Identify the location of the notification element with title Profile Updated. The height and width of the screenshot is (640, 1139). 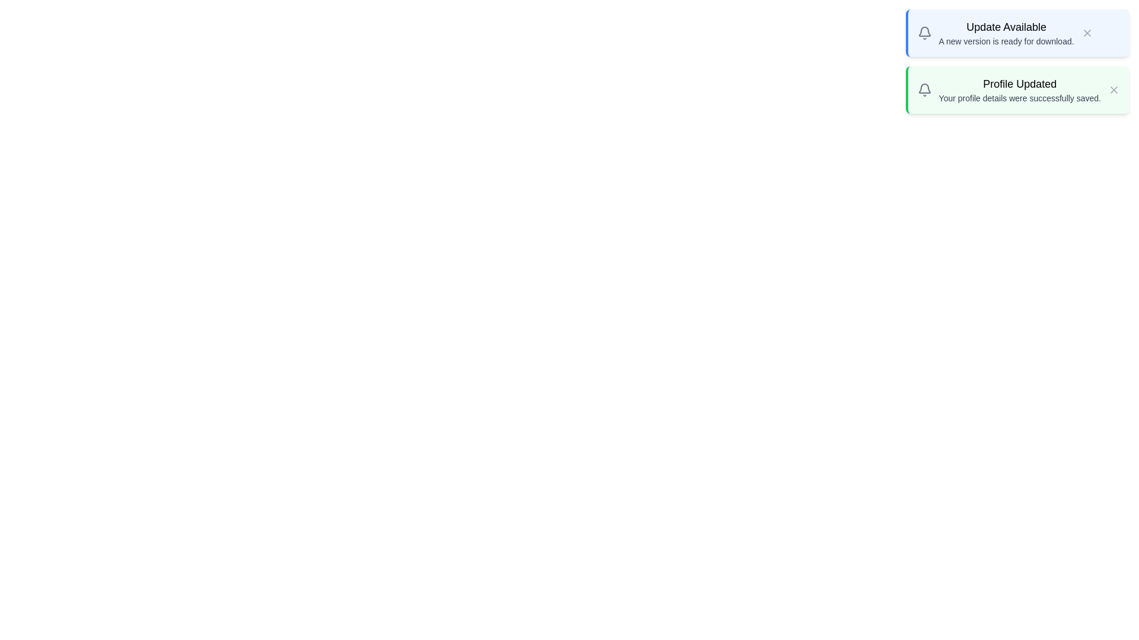
(1017, 89).